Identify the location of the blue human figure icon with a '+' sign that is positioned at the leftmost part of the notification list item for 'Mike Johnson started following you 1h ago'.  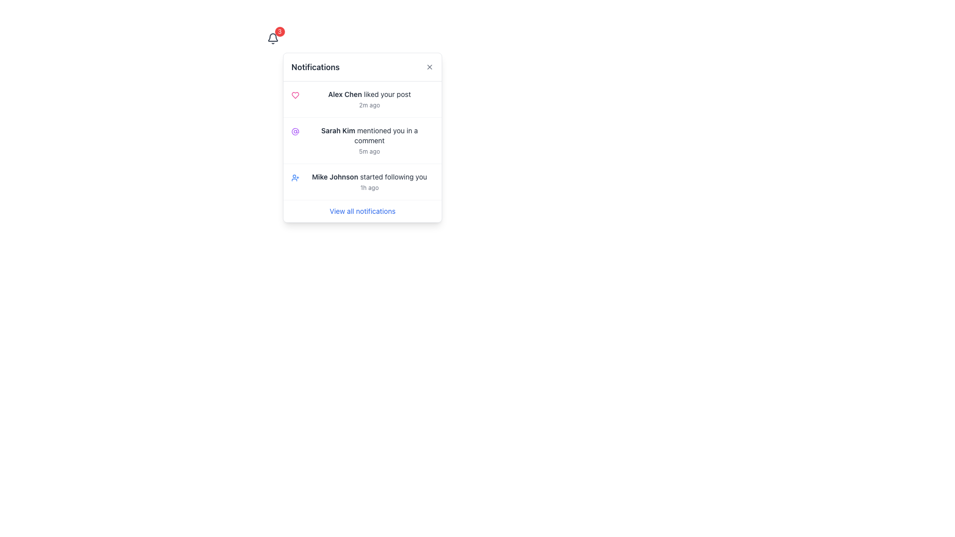
(295, 178).